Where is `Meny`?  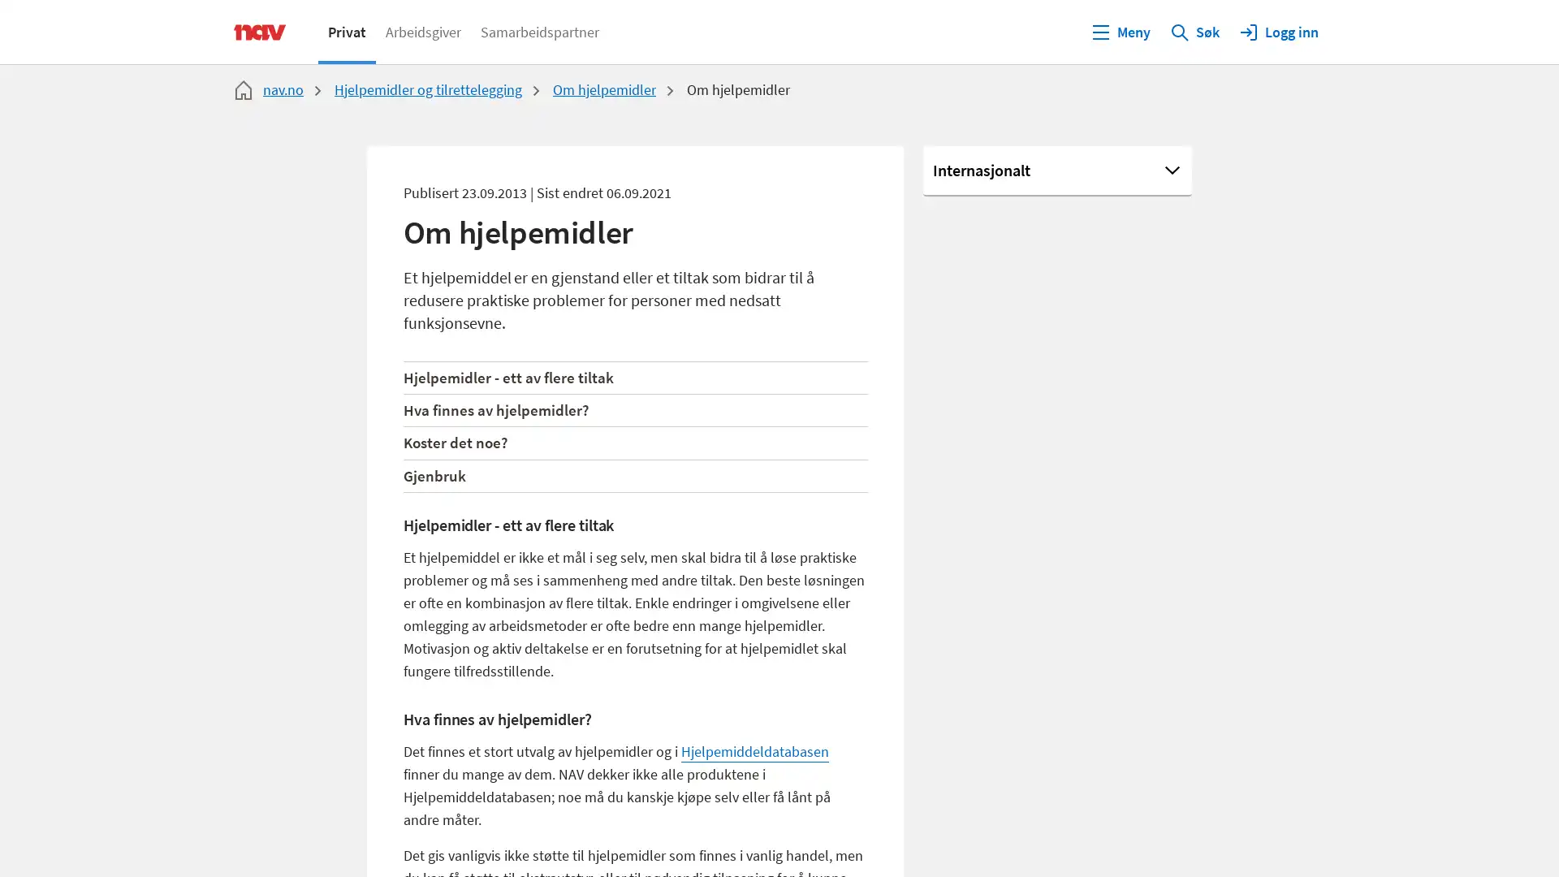
Meny is located at coordinates (1120, 31).